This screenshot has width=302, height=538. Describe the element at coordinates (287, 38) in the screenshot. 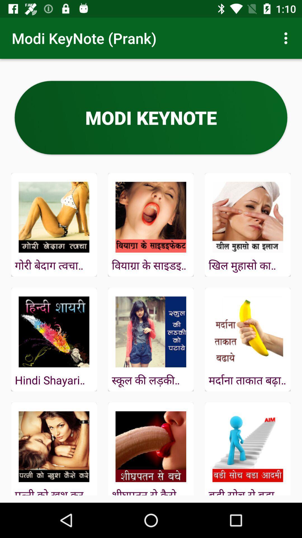

I see `the item above the modi keynote item` at that location.